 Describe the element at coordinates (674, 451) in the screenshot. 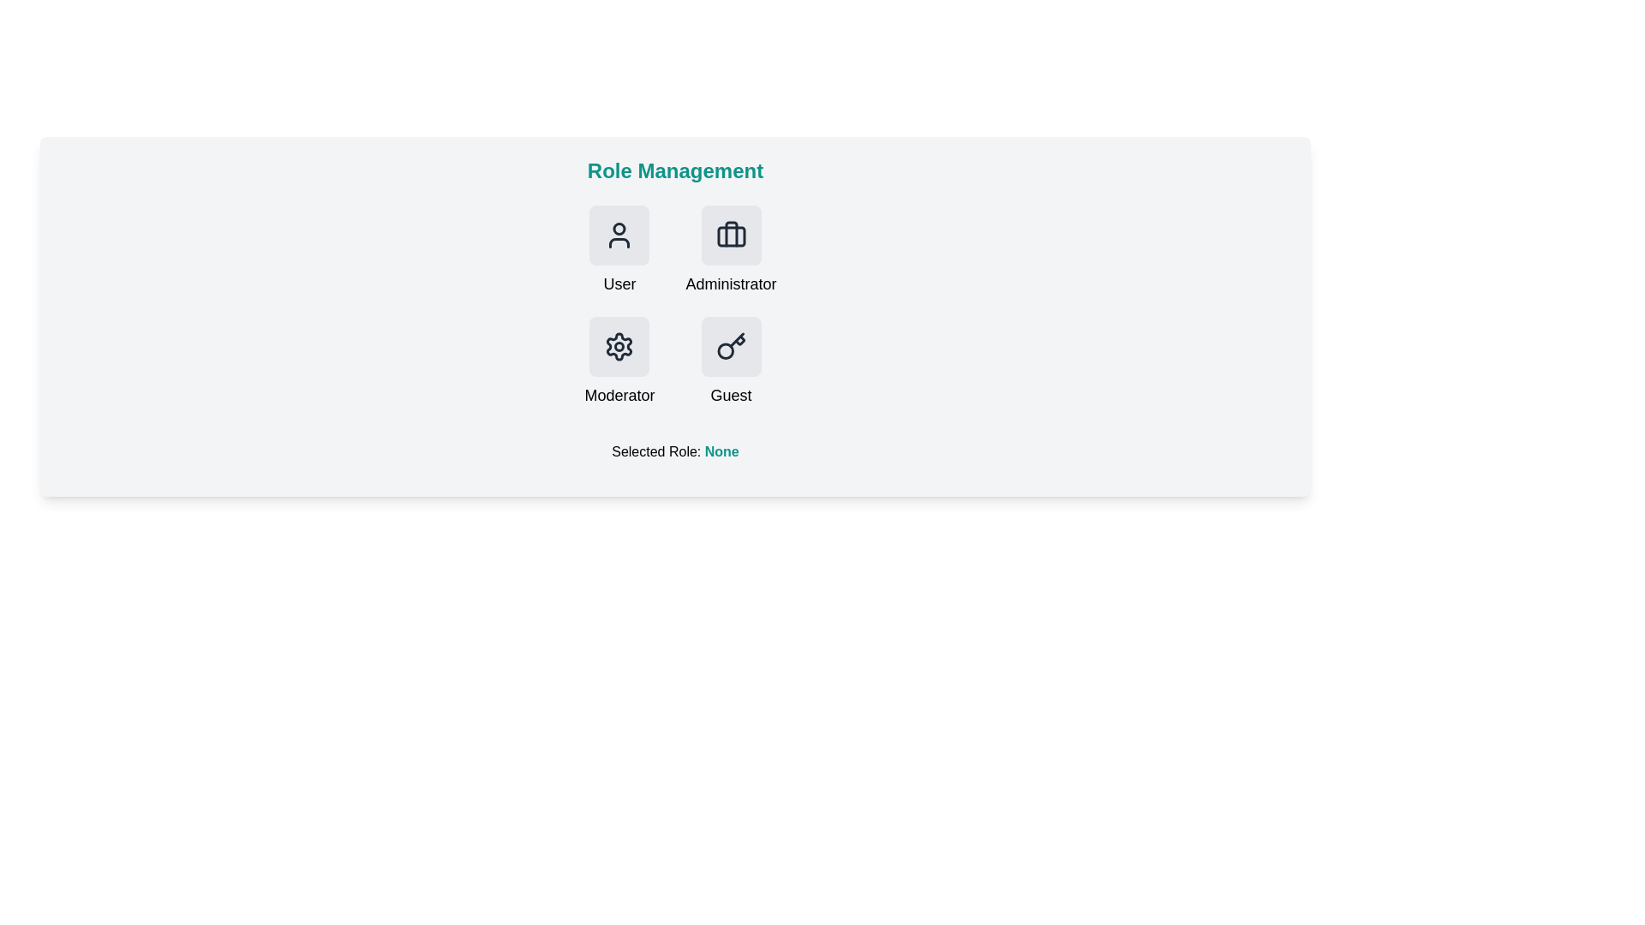

I see `the text label that reads 'Selected Role: None', which is styled in medium font with 'None' emphasized in teal color and bold font, located at the bottom of the interface` at that location.